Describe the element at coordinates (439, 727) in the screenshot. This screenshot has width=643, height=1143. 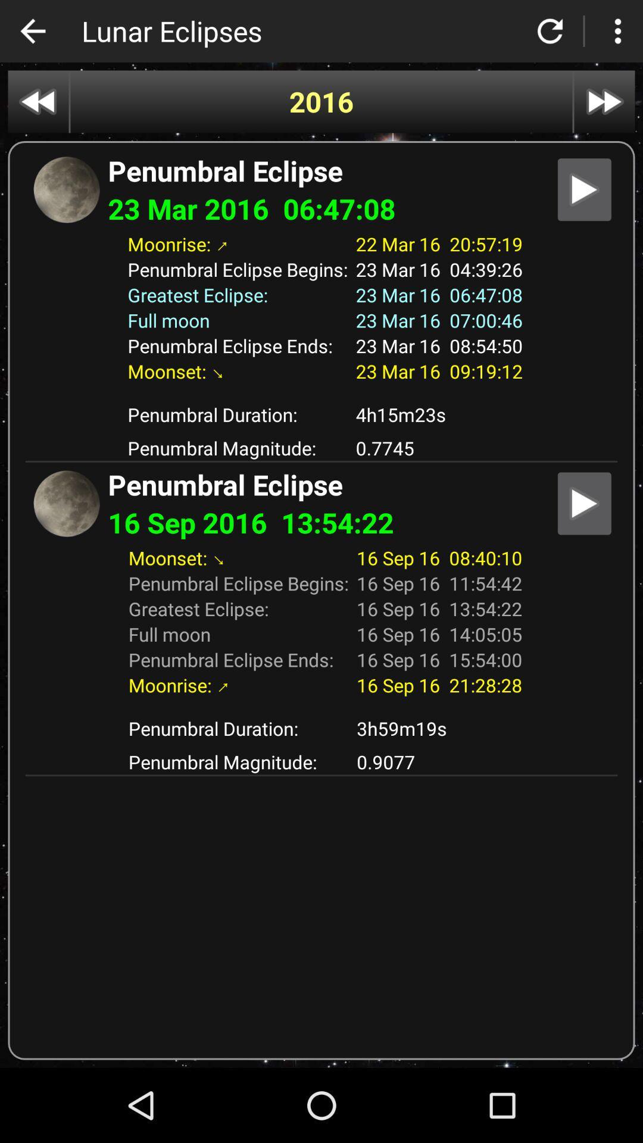
I see `app above the penumbral magnitude: item` at that location.